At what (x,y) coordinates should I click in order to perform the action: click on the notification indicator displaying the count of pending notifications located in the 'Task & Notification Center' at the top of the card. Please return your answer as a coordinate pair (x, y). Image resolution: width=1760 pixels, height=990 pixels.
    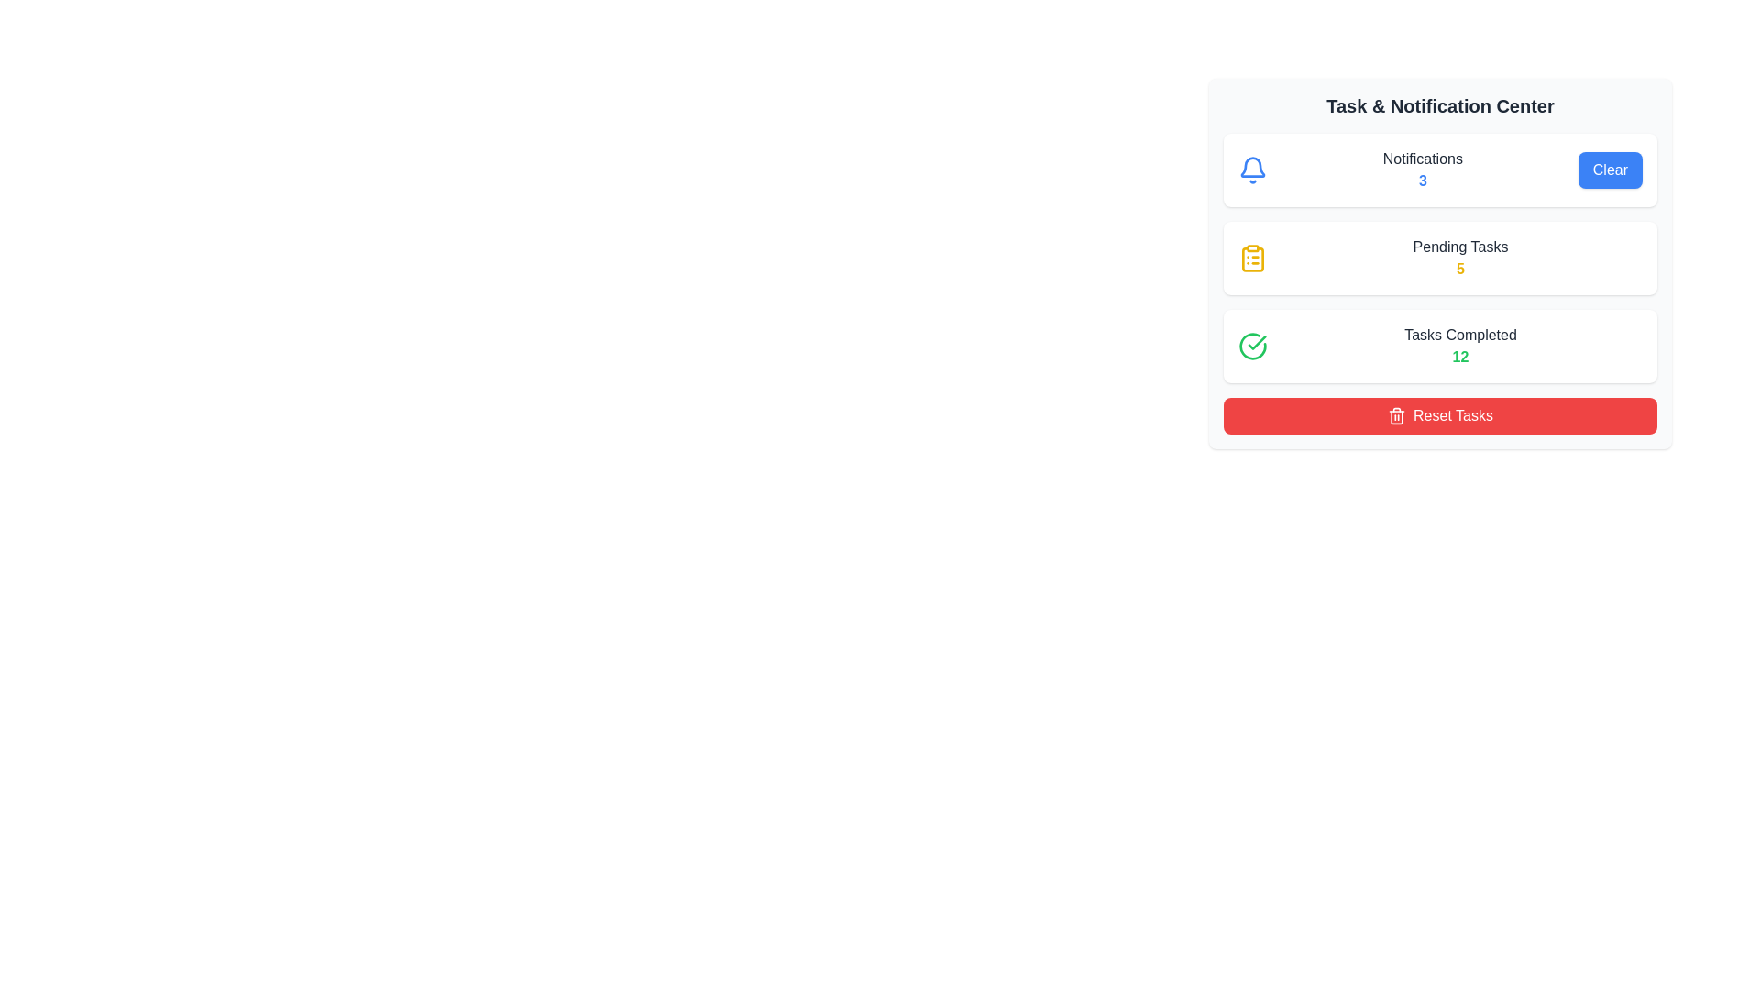
    Looking at the image, I should click on (1422, 170).